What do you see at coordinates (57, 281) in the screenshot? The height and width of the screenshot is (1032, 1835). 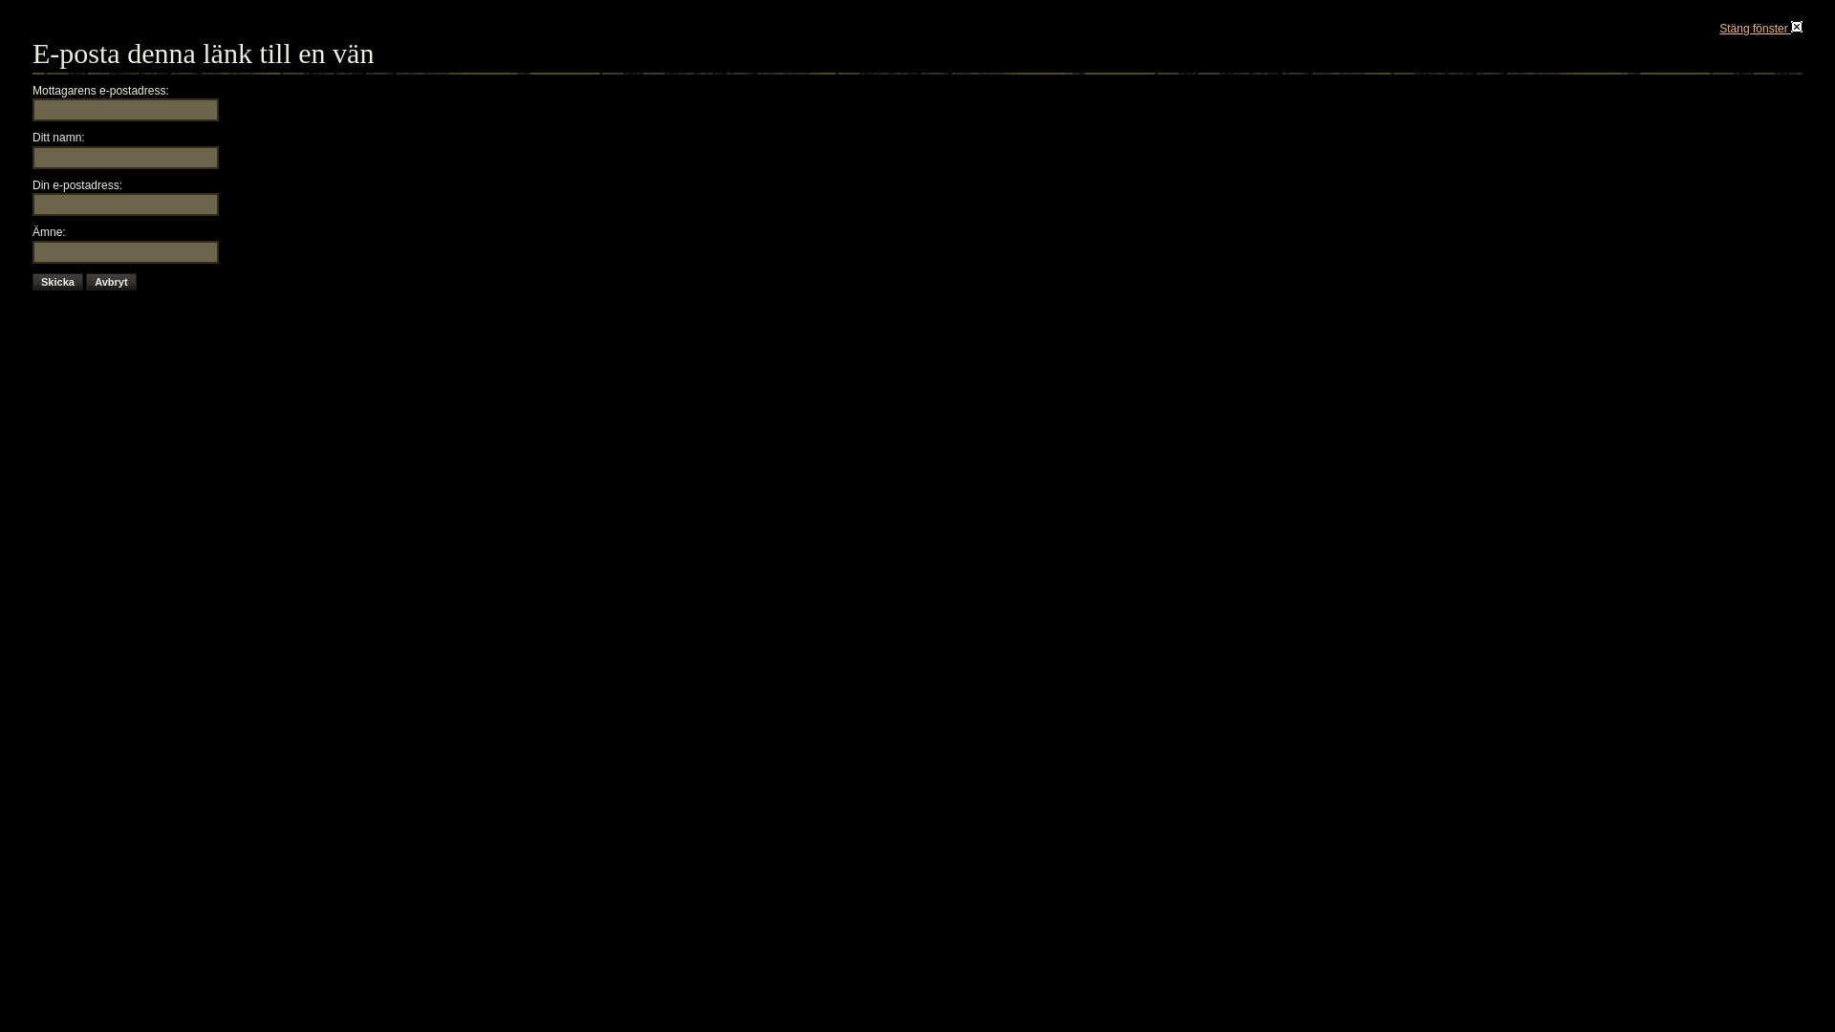 I see `'Skicka'` at bounding box center [57, 281].